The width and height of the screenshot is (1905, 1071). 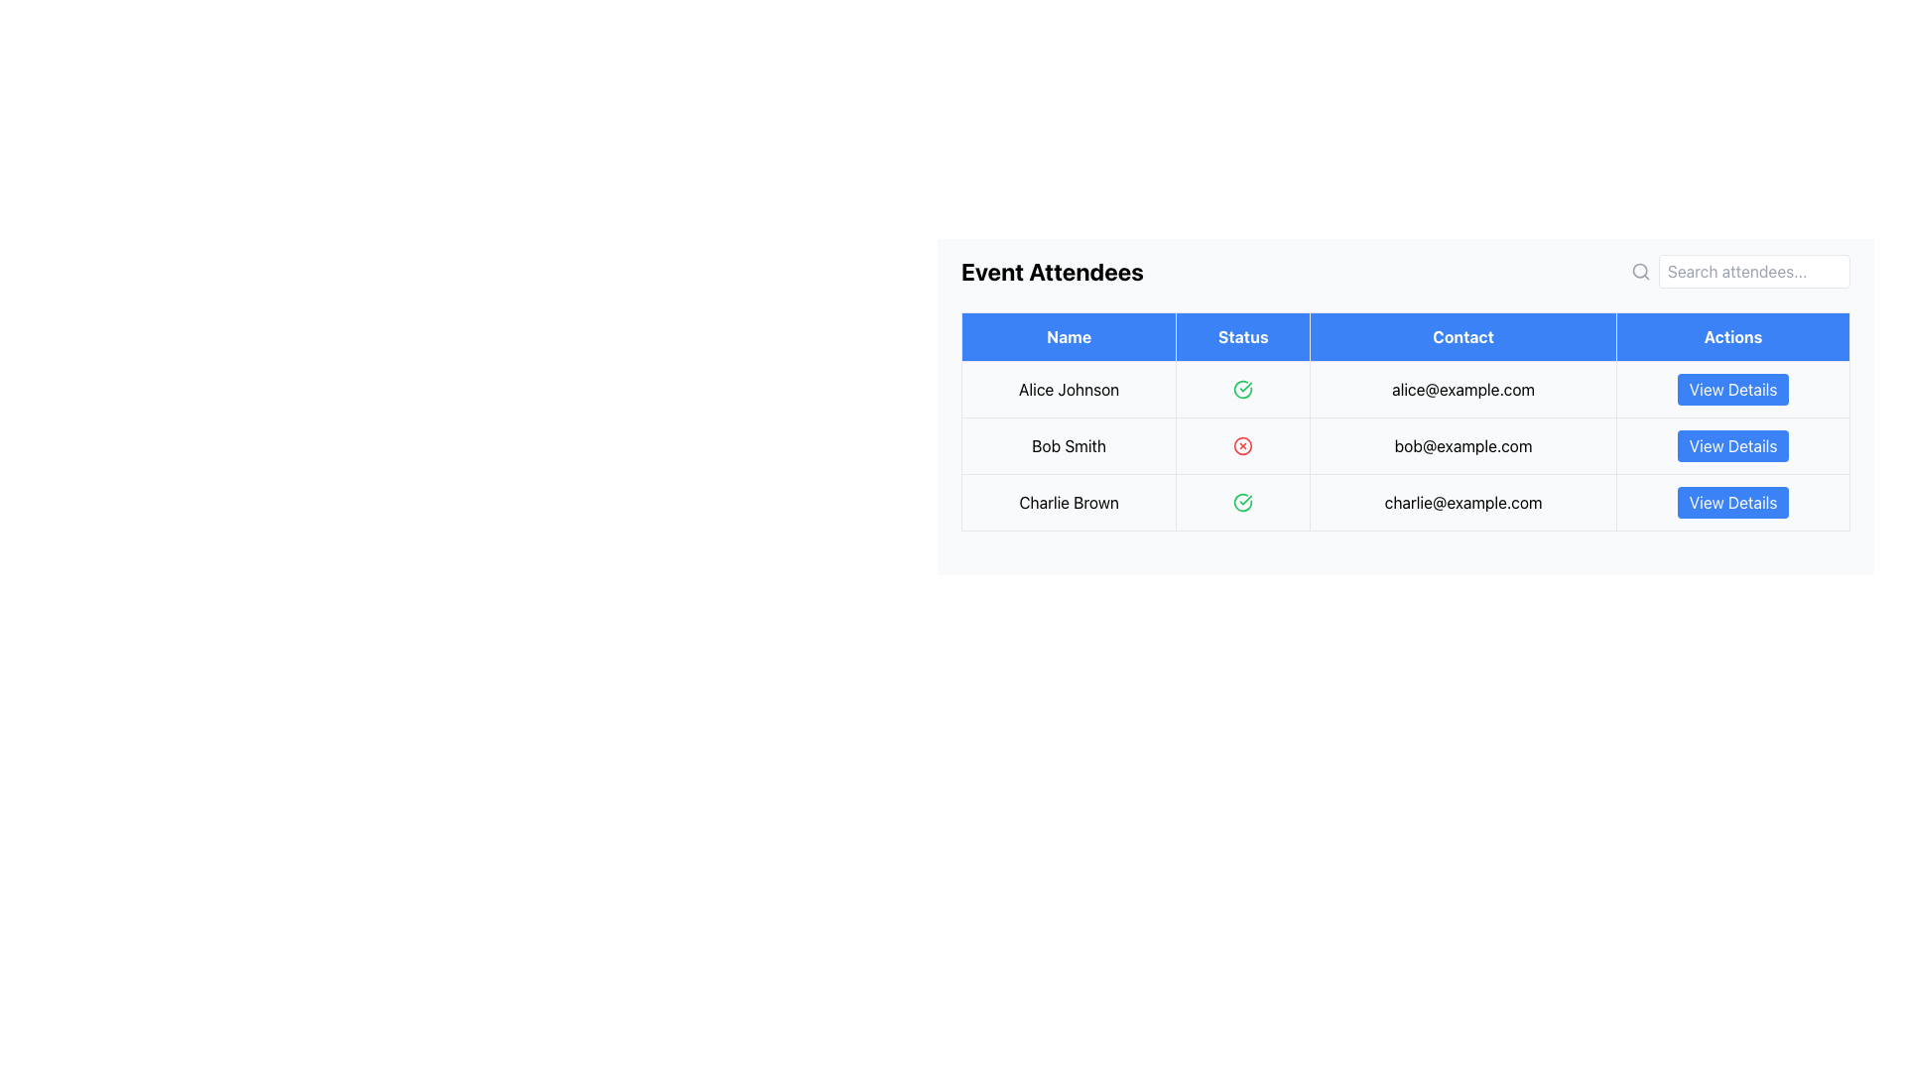 I want to click on the text label displaying 'Alice Johnson' in the 'Name' column of the table, so click(x=1068, y=390).